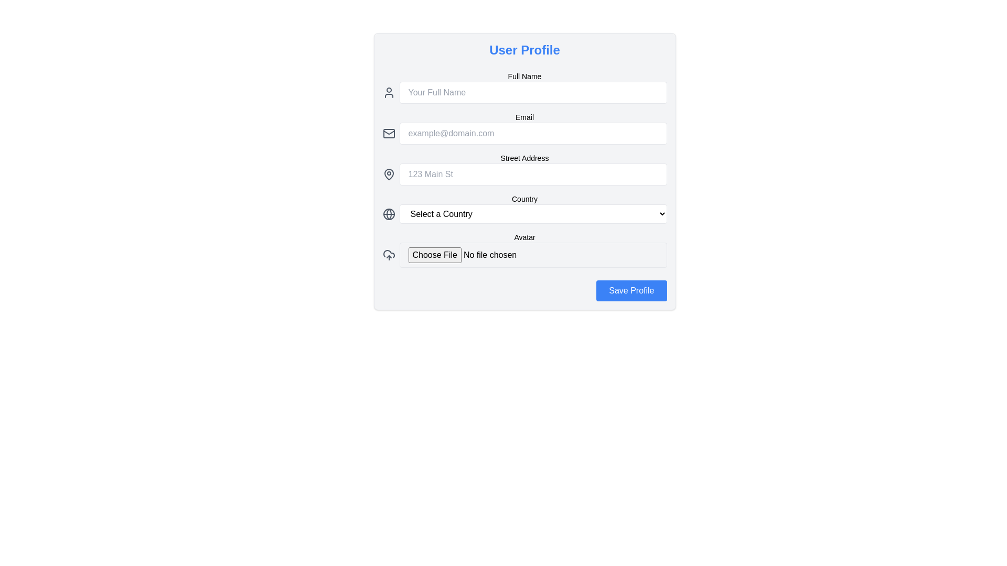 This screenshot has height=566, width=1007. Describe the element at coordinates (388, 133) in the screenshot. I see `the email input icon located to the left of the 'Email' input field, which visually indicates that the associated input field is for an email address` at that location.